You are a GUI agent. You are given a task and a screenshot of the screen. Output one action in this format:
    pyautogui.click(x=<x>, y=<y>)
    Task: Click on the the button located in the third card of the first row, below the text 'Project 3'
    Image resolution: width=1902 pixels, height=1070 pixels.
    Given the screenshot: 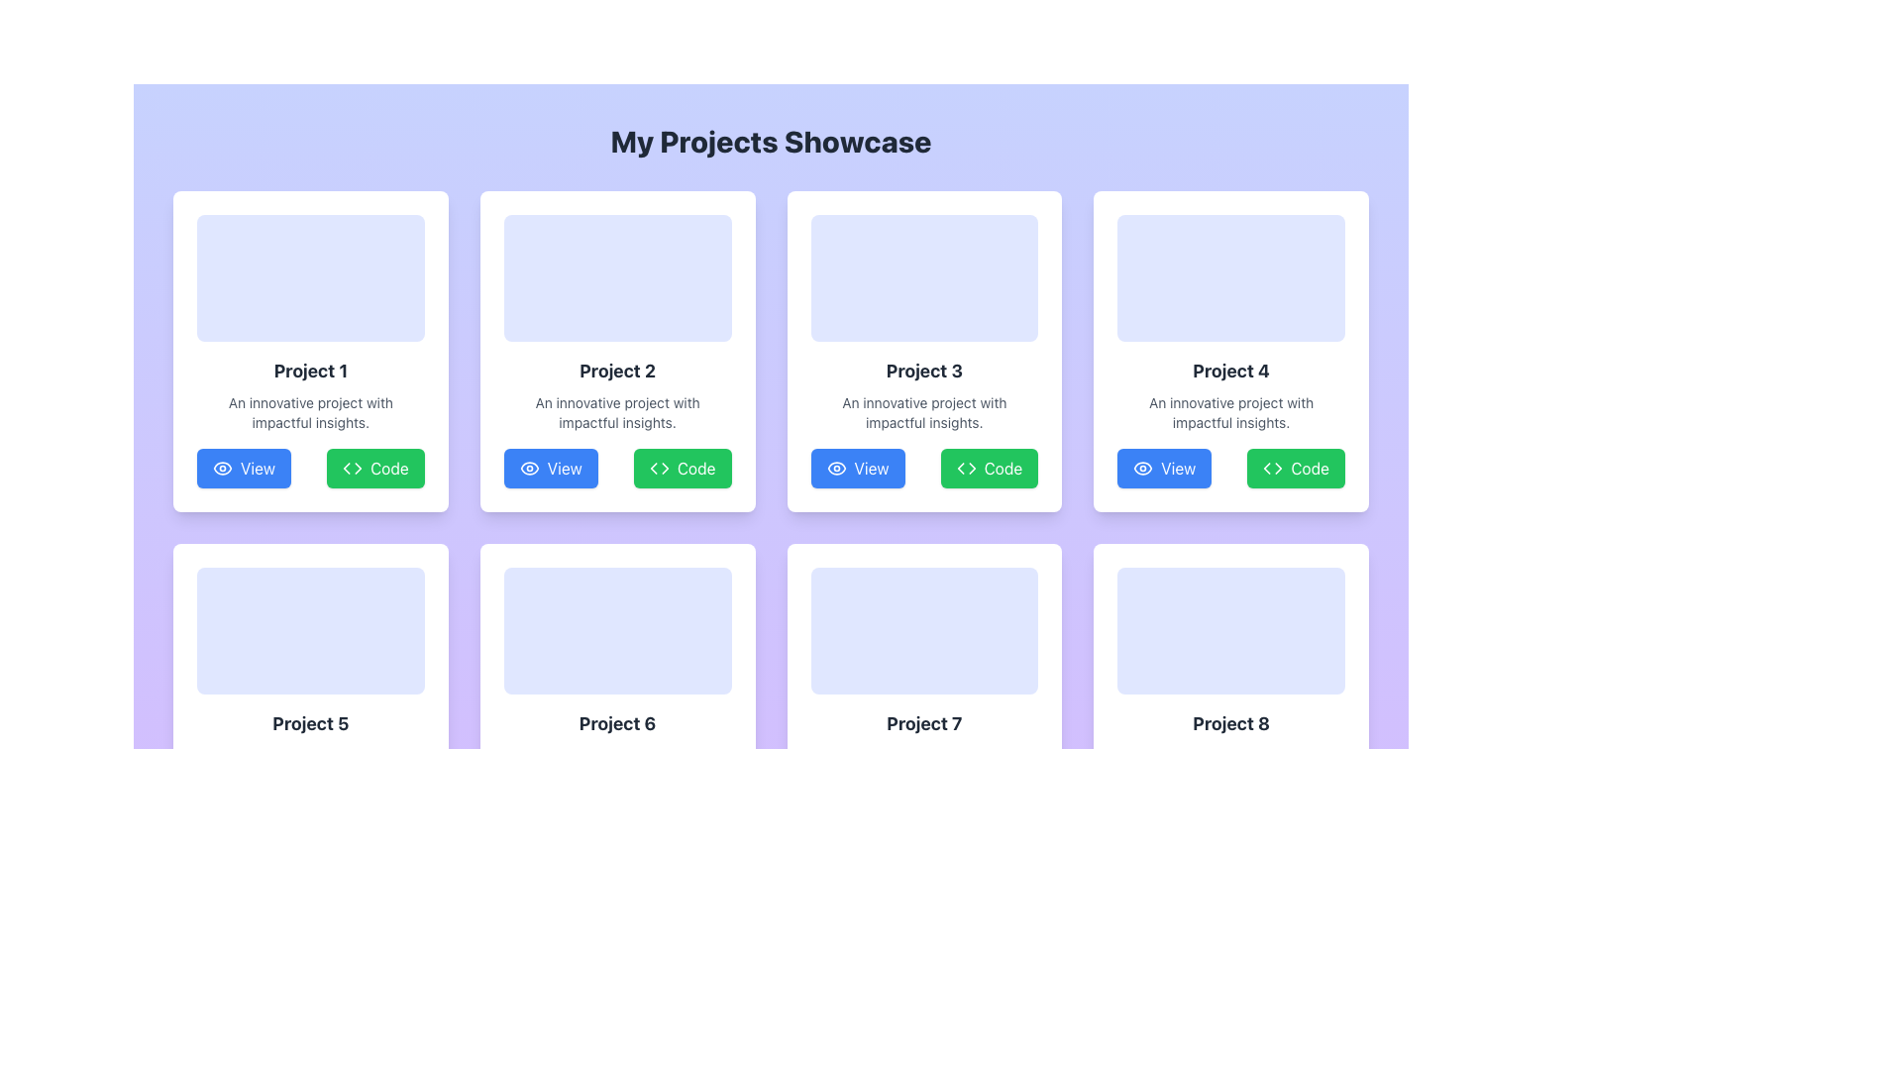 What is the action you would take?
    pyautogui.click(x=857, y=469)
    